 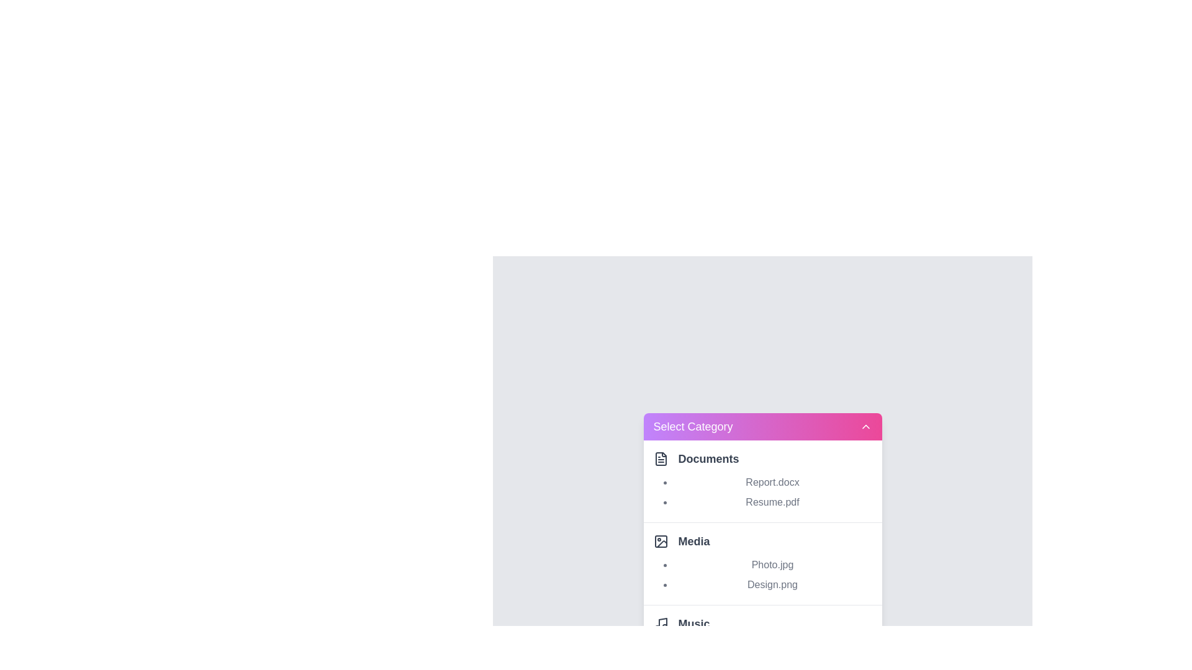 I want to click on the dropdown indicator icon located on the rightmost side of the header bar labeled 'Select Category', so click(x=865, y=426).